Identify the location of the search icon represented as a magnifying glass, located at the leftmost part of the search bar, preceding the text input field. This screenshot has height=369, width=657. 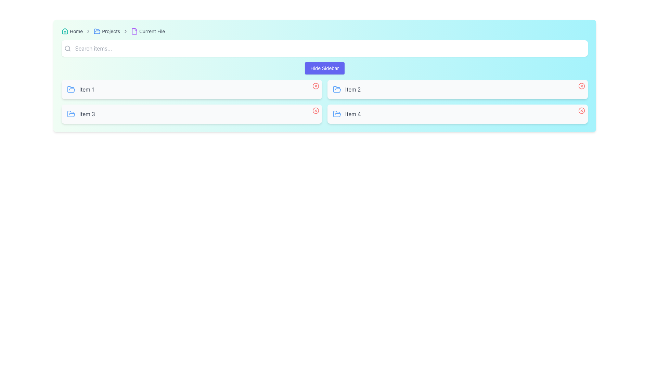
(67, 48).